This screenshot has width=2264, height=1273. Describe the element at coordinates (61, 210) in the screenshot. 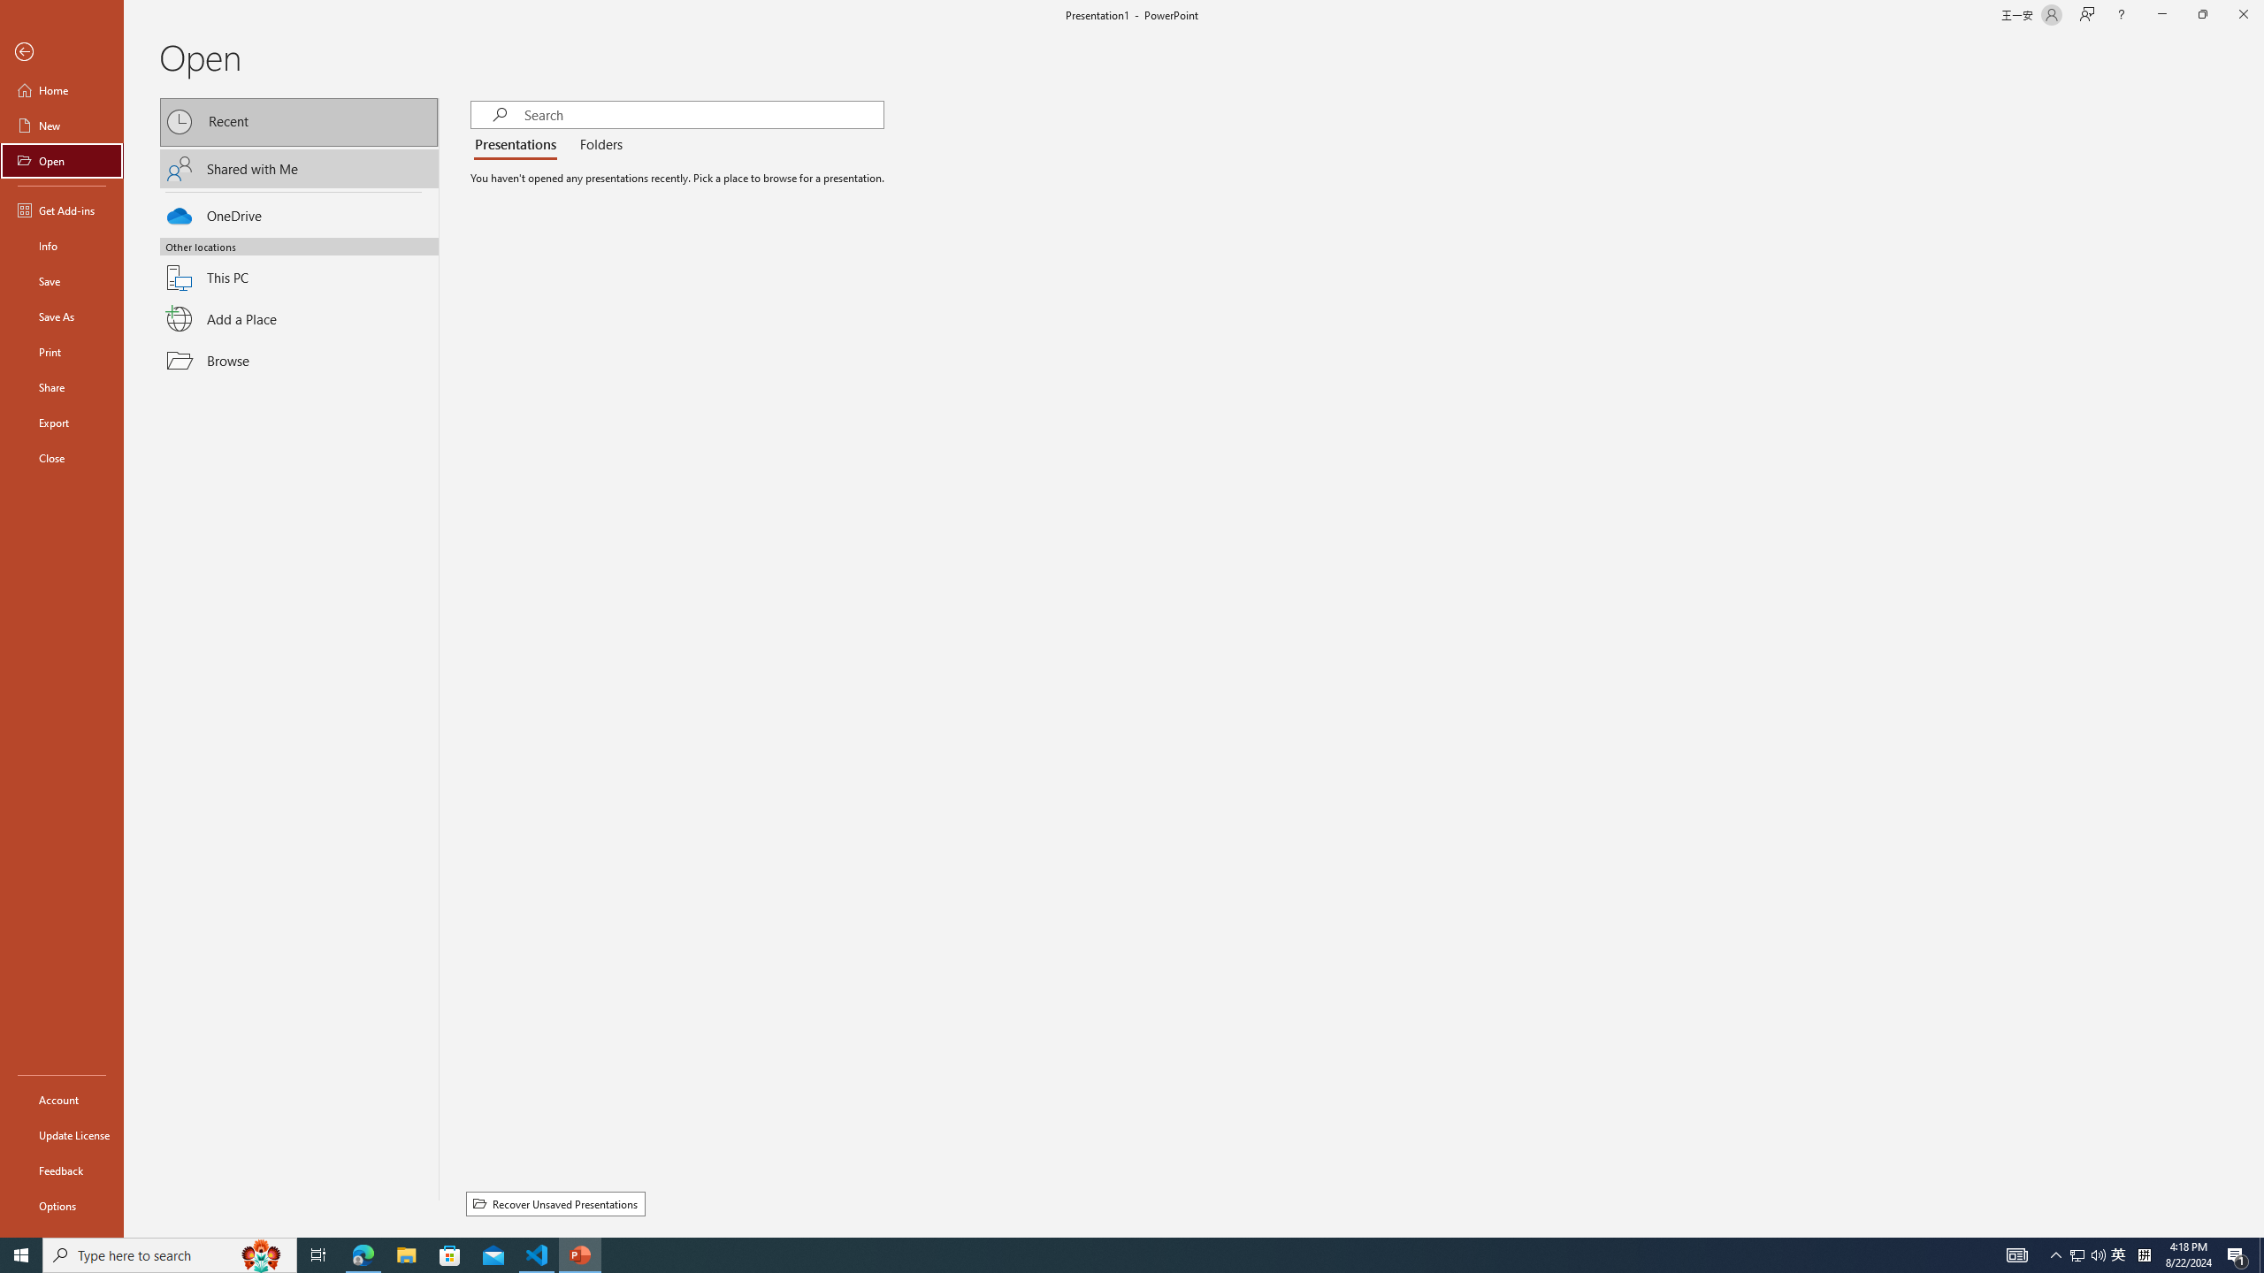

I see `'Get Add-ins'` at that location.